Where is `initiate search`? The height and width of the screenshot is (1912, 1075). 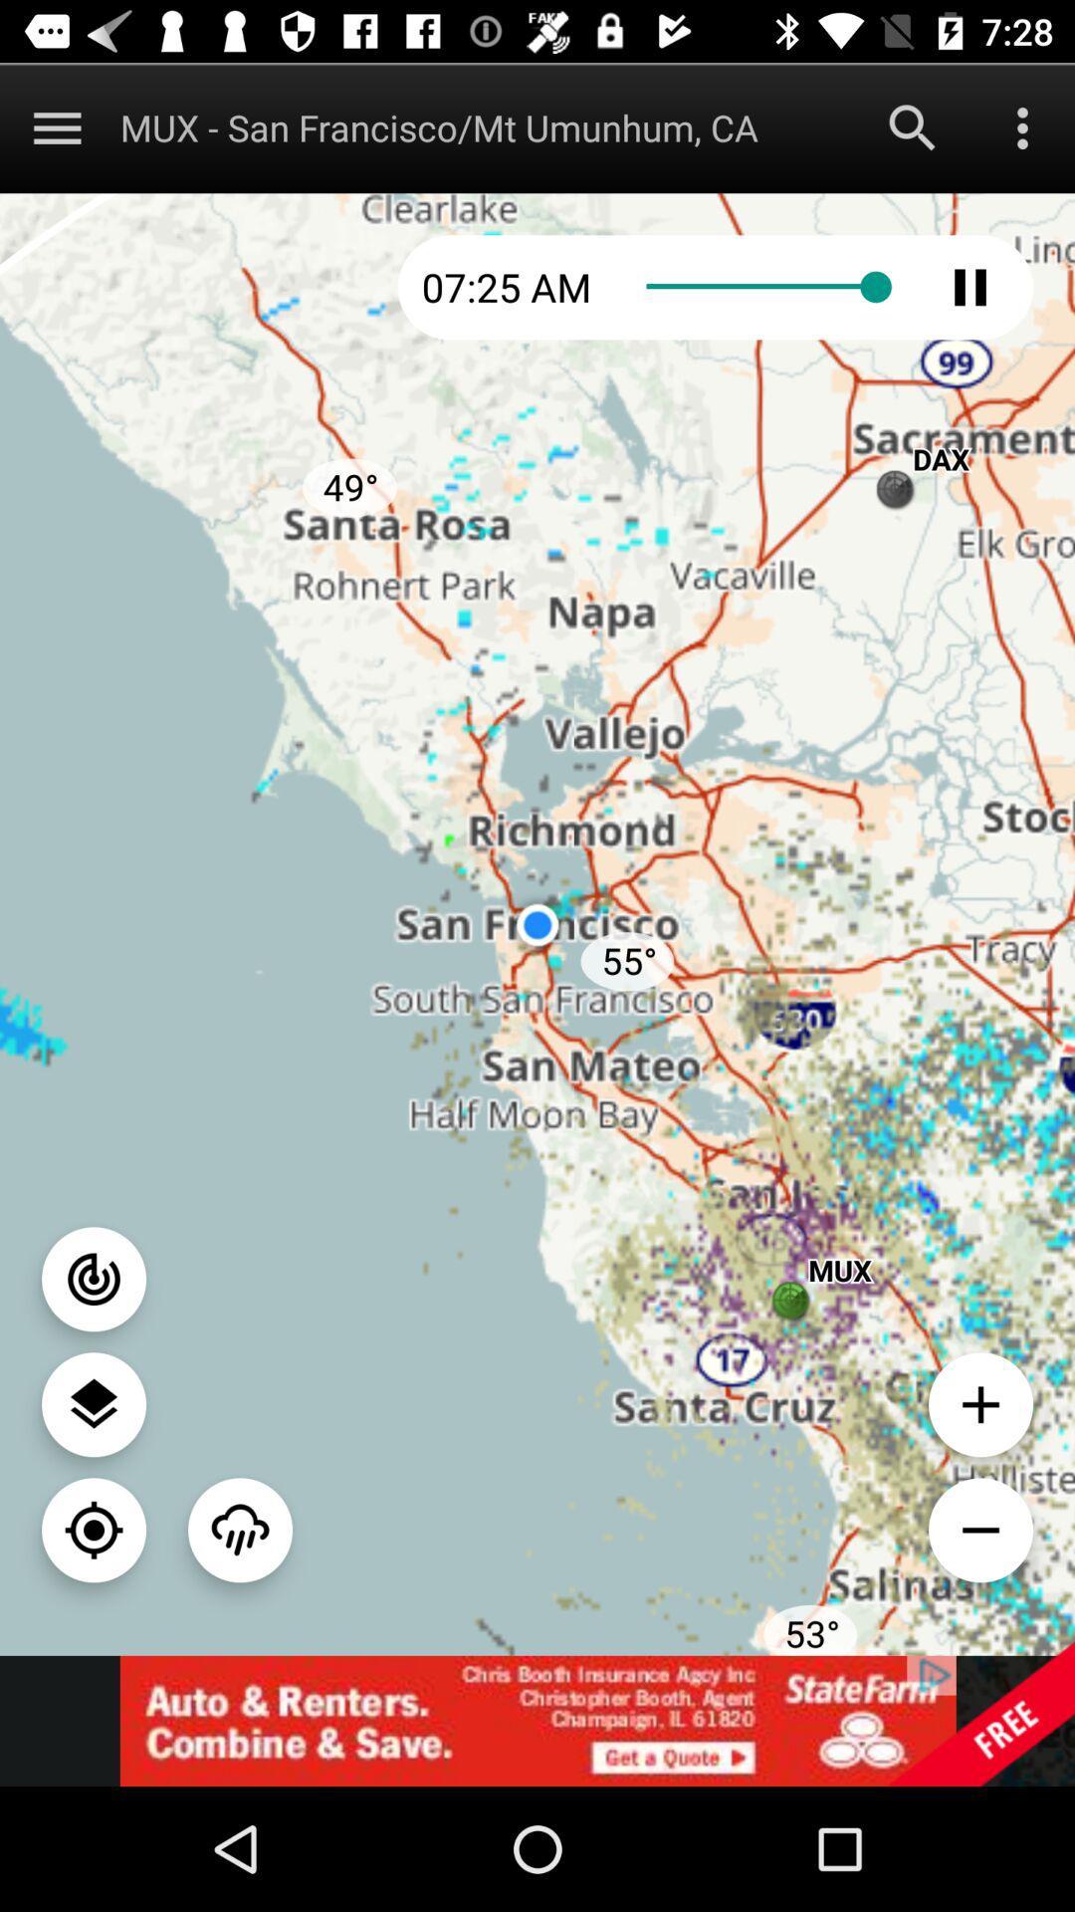
initiate search is located at coordinates (913, 126).